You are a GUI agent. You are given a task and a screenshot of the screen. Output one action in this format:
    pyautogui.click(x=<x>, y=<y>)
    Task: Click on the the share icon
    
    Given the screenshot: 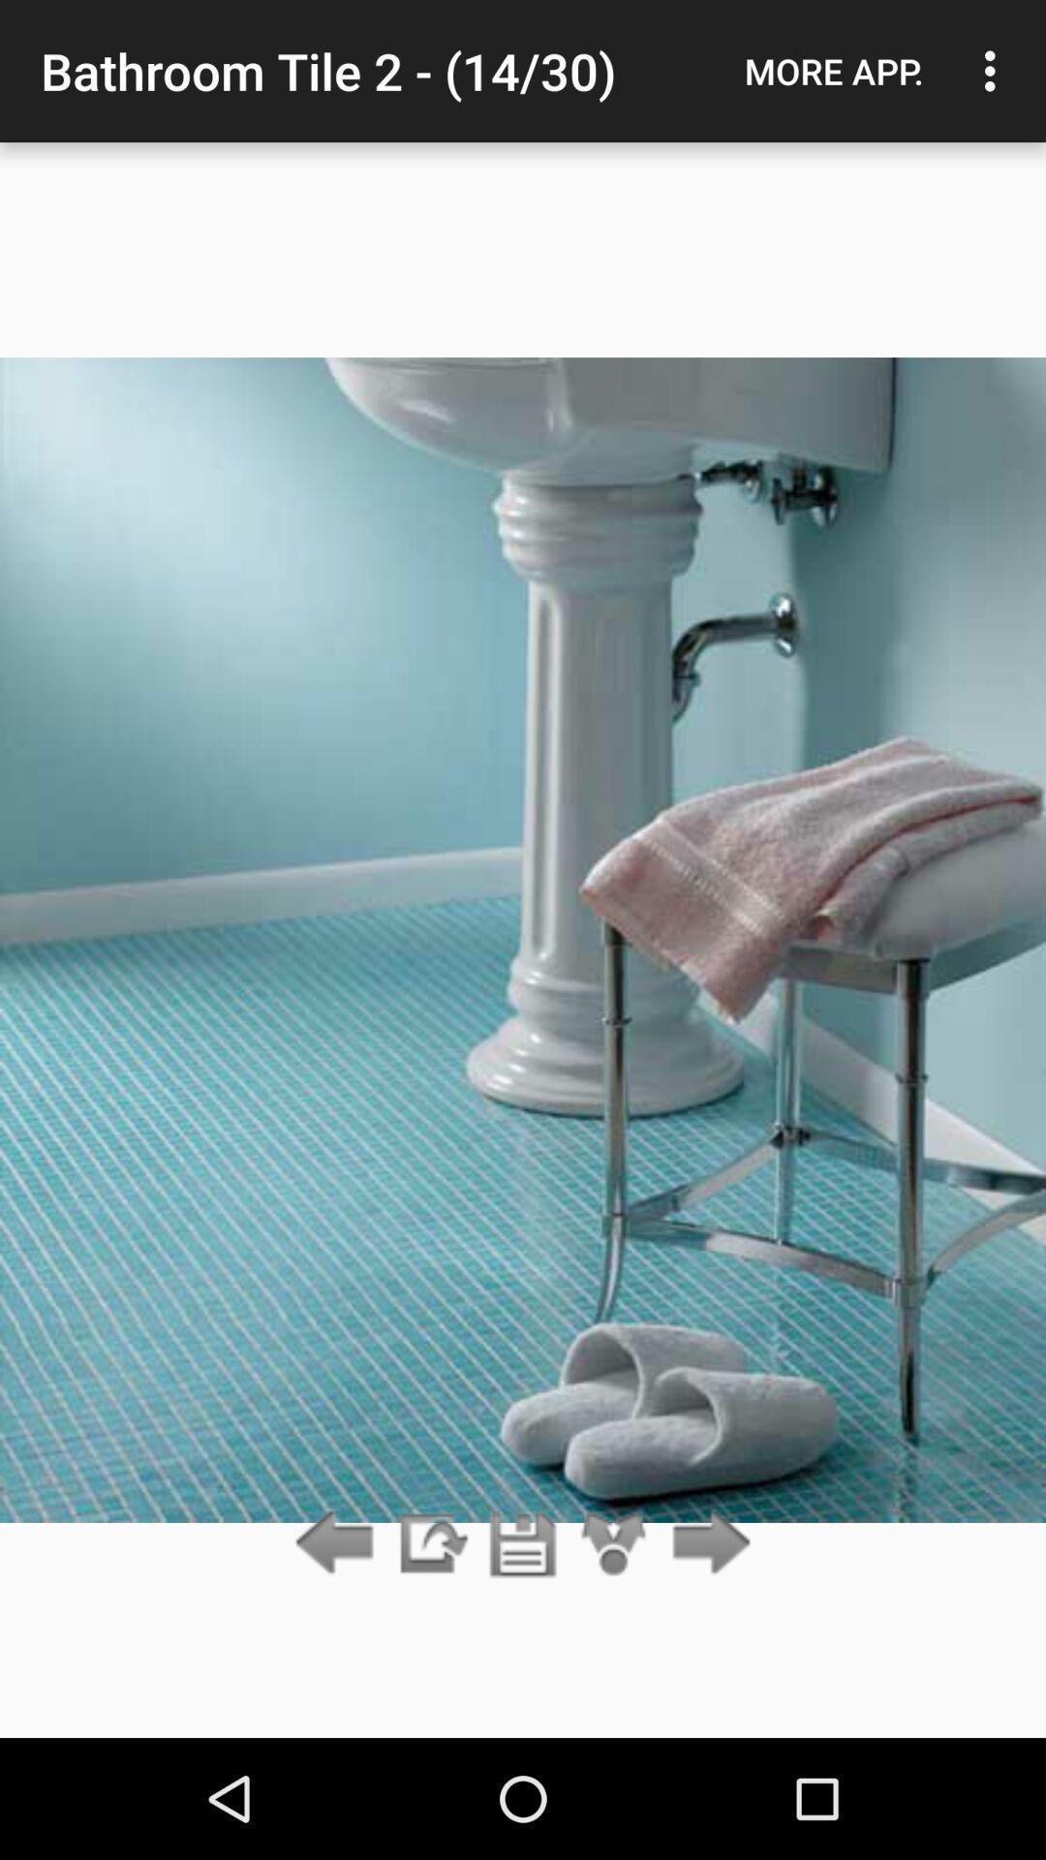 What is the action you would take?
    pyautogui.click(x=614, y=1543)
    